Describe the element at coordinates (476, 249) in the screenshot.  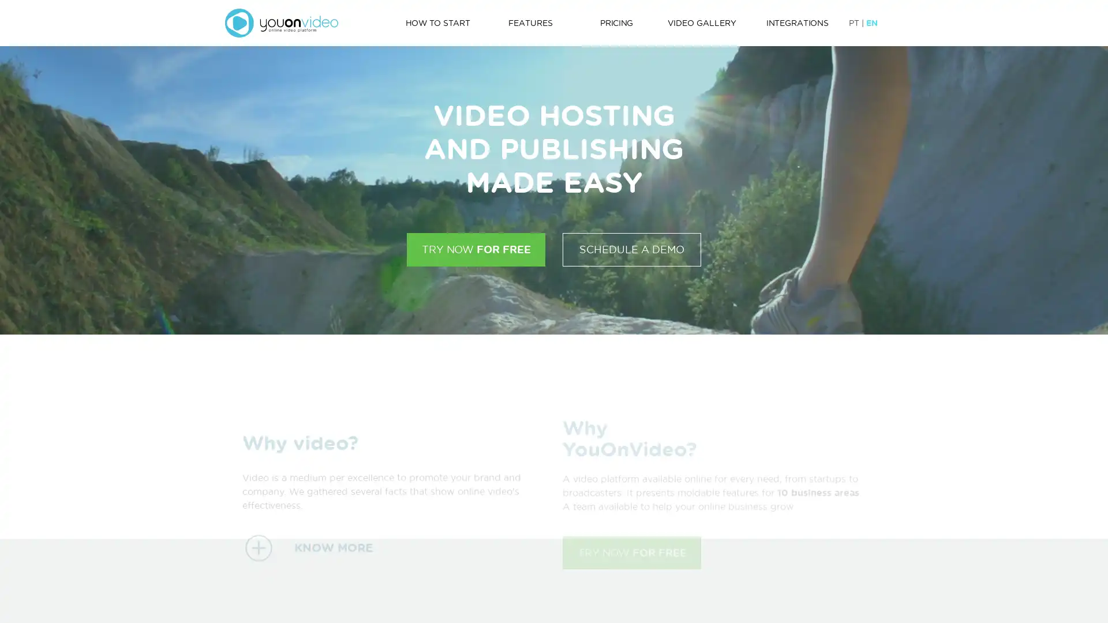
I see `TRY NOW FOR FREE` at that location.